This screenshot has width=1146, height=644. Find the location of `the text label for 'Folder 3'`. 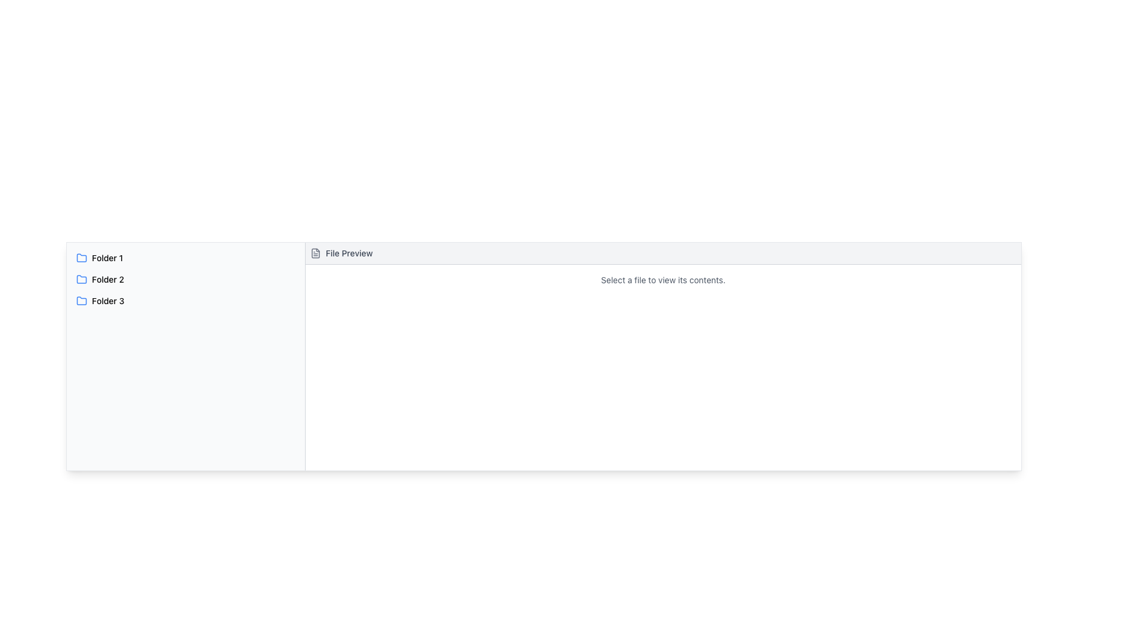

the text label for 'Folder 3' is located at coordinates (108, 301).